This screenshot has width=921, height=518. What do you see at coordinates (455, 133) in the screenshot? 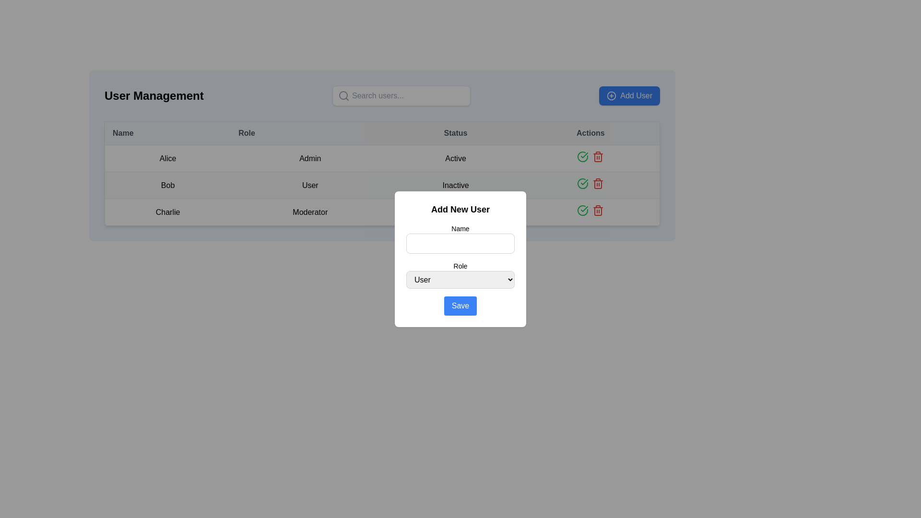
I see `the 'Status' text label in bold, centered style, displayed in gray color, located in the header row of the User Management section, between 'Role' and 'Actions'` at bounding box center [455, 133].